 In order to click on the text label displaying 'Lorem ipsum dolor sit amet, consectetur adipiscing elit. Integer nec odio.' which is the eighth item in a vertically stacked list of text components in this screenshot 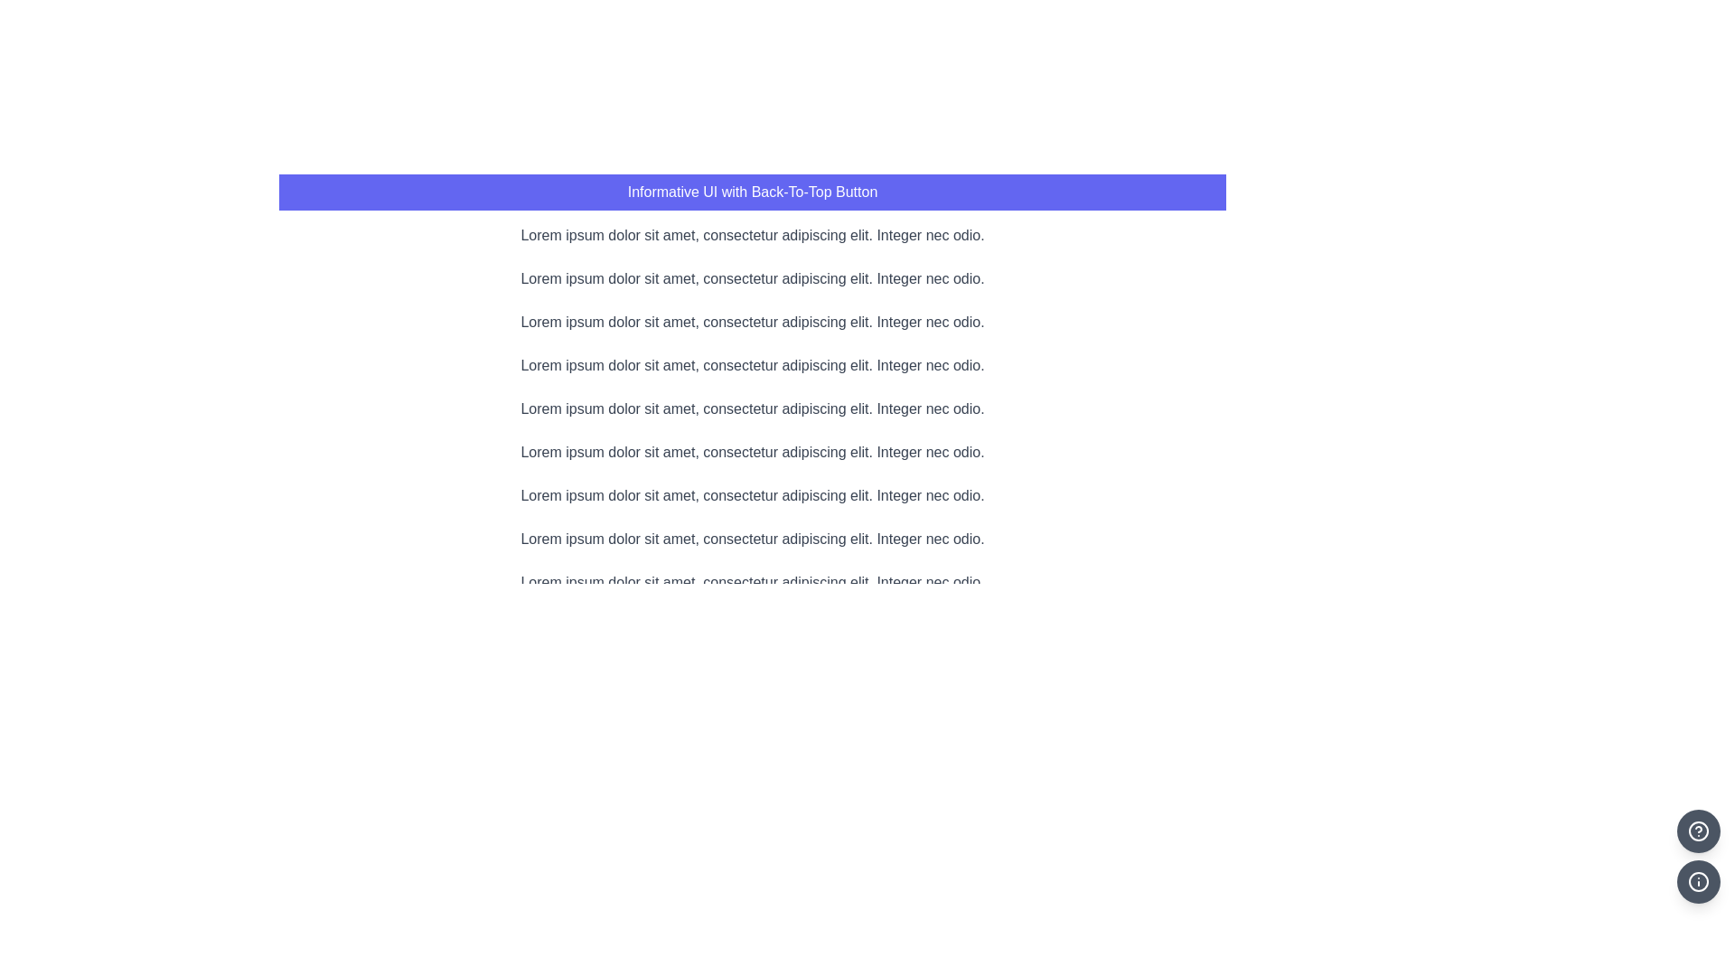, I will do `click(753, 539)`.